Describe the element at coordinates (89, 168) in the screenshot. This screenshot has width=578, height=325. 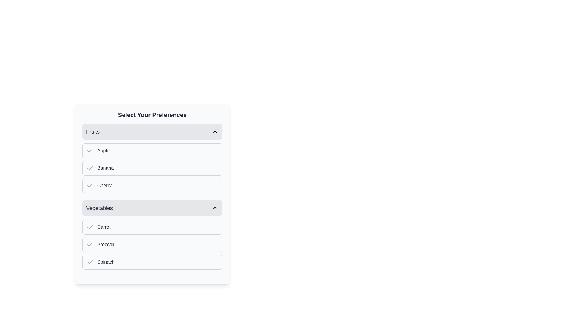
I see `the checkmark icon for the 'Banana' list item in the 'Fruits' section to change its selection state` at that location.